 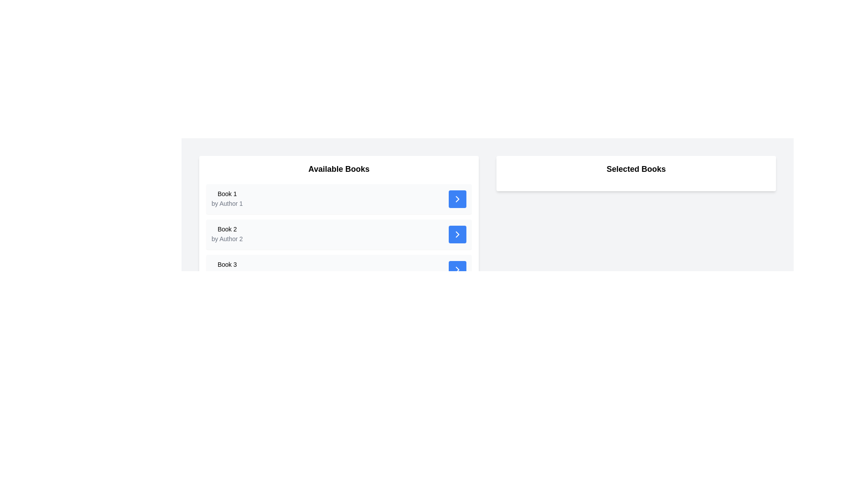 I want to click on the button located at the far right side of the row containing the text 'Book 1 by Author 1', so click(x=458, y=199).